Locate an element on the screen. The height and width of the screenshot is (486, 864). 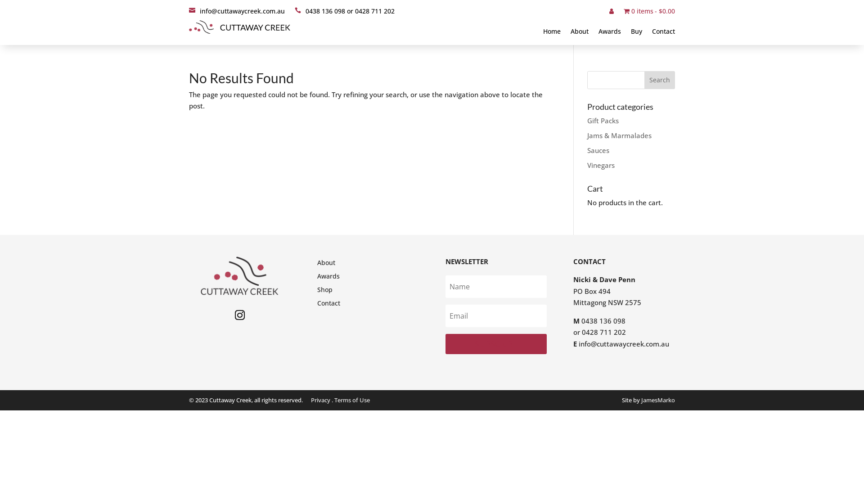
'Contact' is located at coordinates (328, 305).